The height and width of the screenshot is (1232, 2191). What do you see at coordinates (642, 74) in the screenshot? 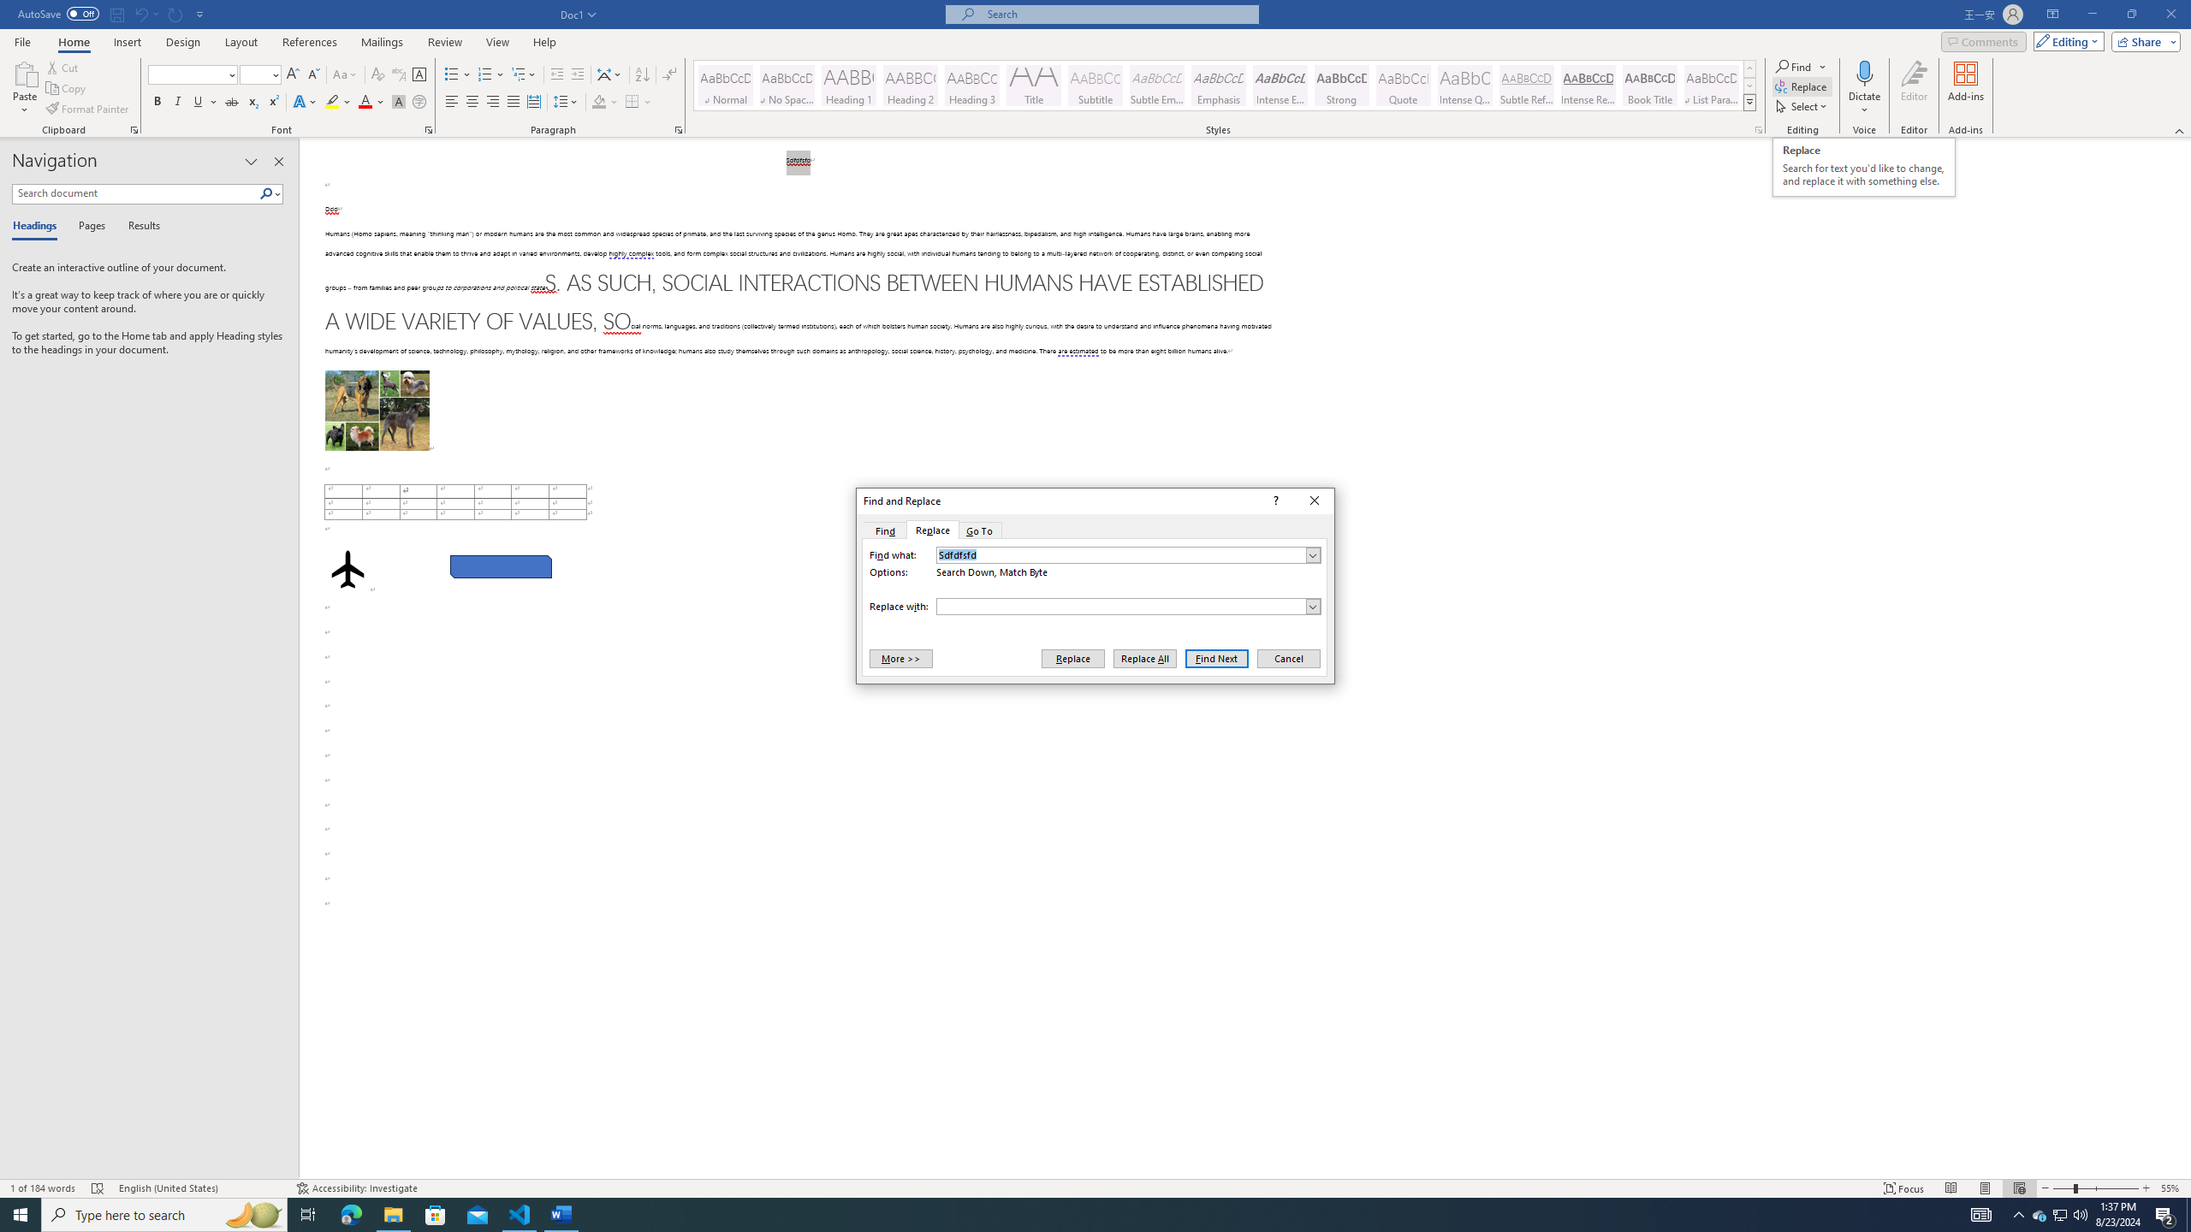
I see `'Sort...'` at bounding box center [642, 74].